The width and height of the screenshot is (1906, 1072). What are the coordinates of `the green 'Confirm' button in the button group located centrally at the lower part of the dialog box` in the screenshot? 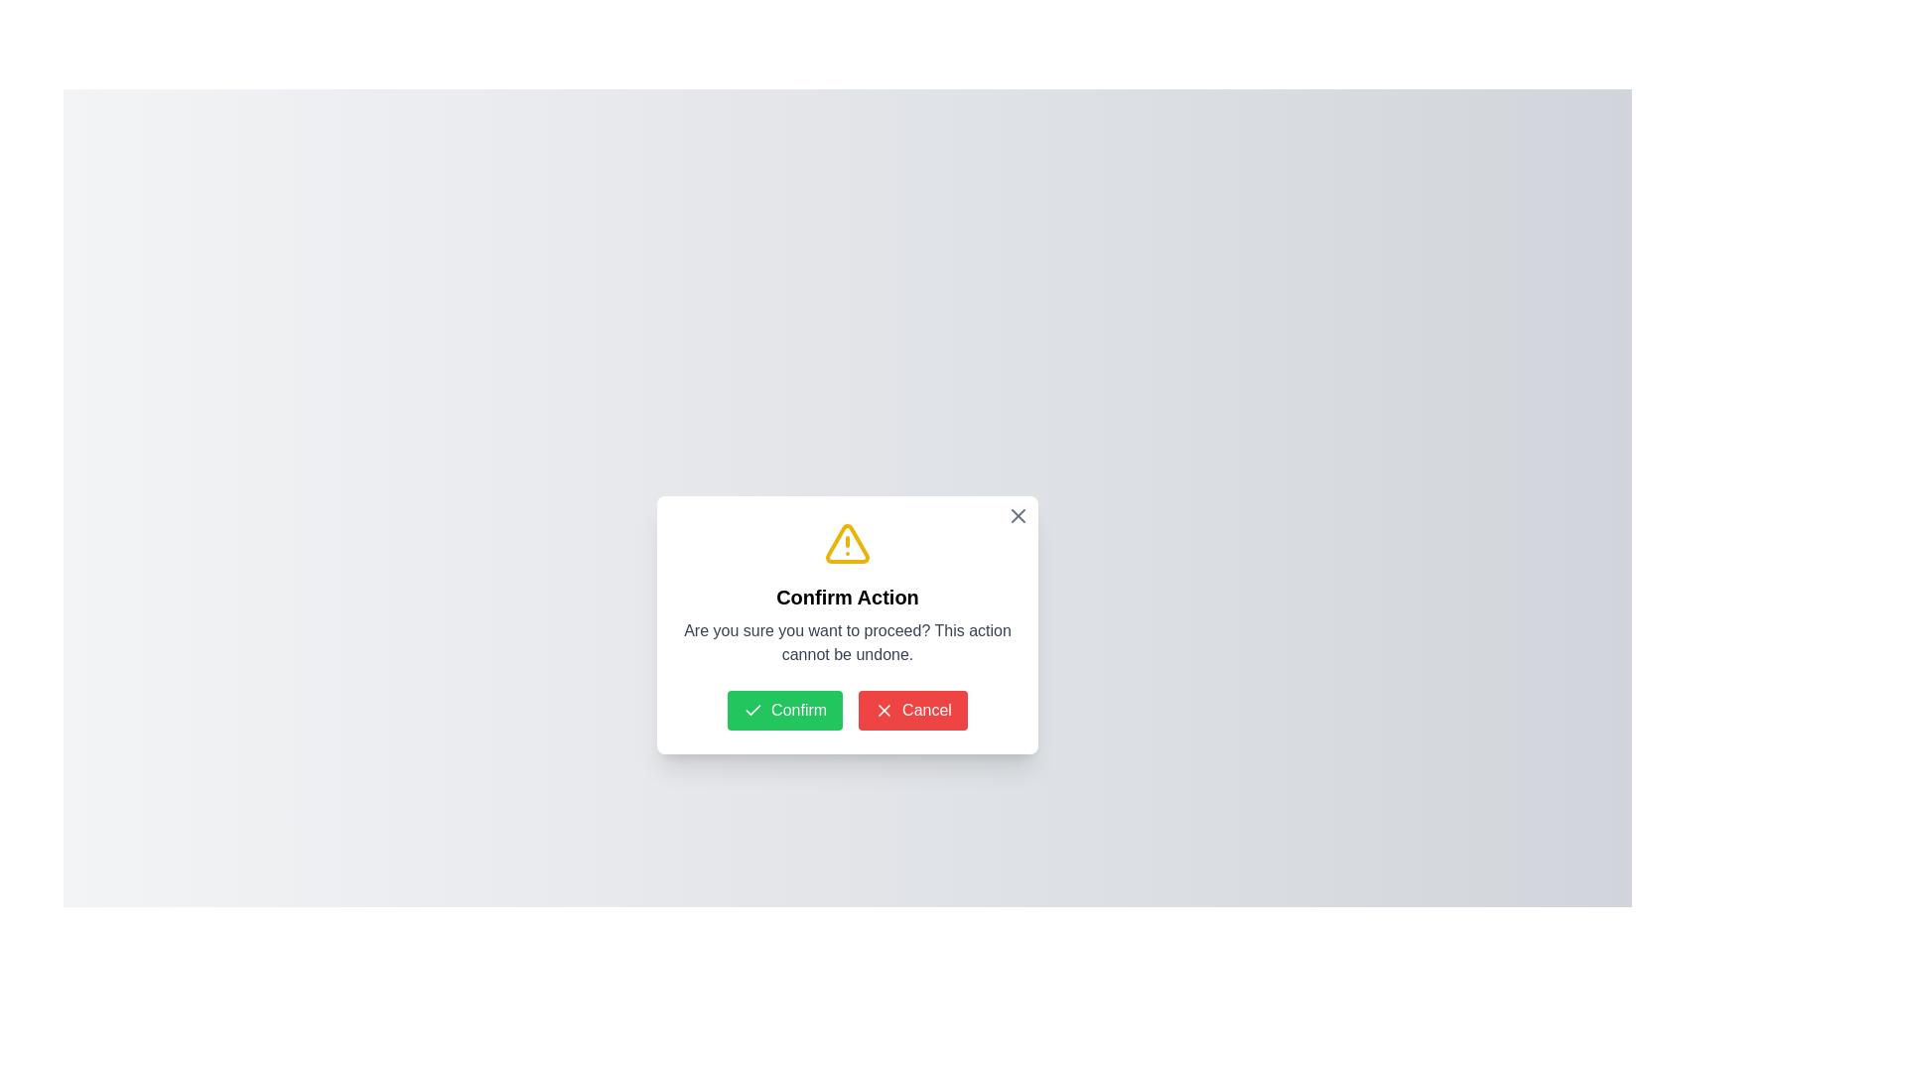 It's located at (848, 710).